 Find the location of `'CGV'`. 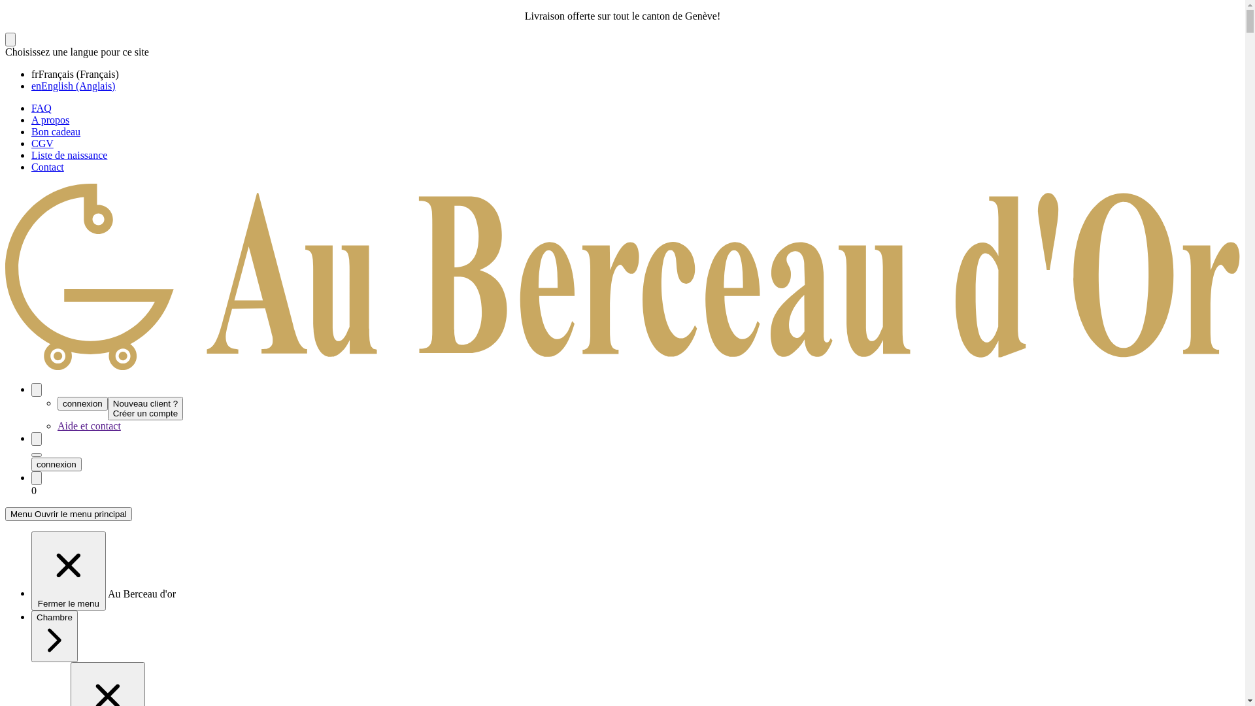

'CGV' is located at coordinates (31, 143).